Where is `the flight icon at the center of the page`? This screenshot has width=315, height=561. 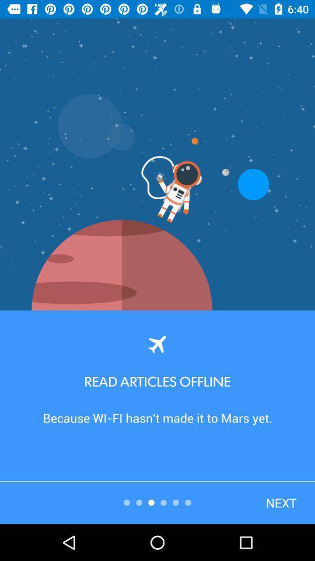
the flight icon at the center of the page is located at coordinates (157, 344).